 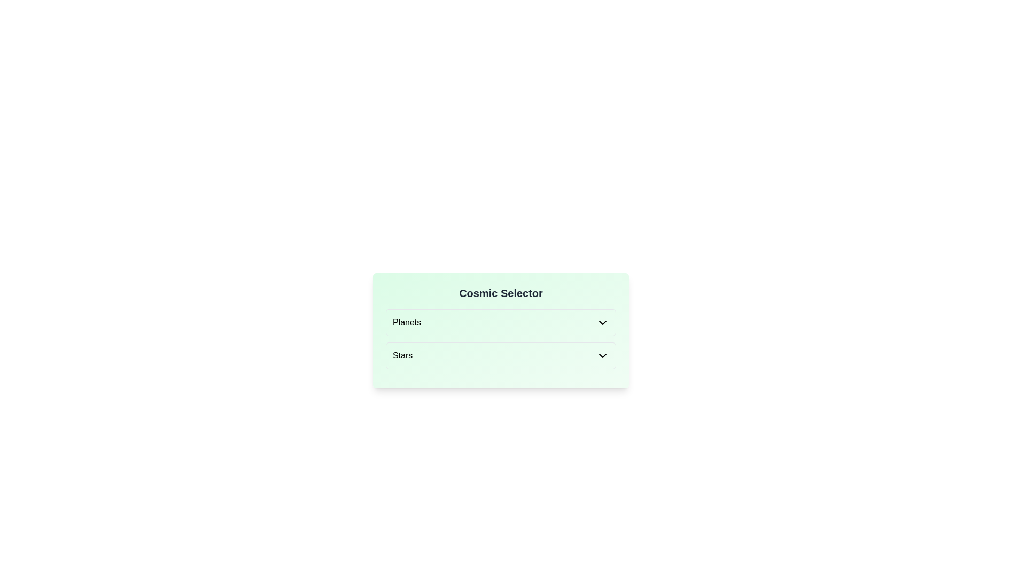 What do you see at coordinates (603, 356) in the screenshot?
I see `the chevron icon` at bounding box center [603, 356].